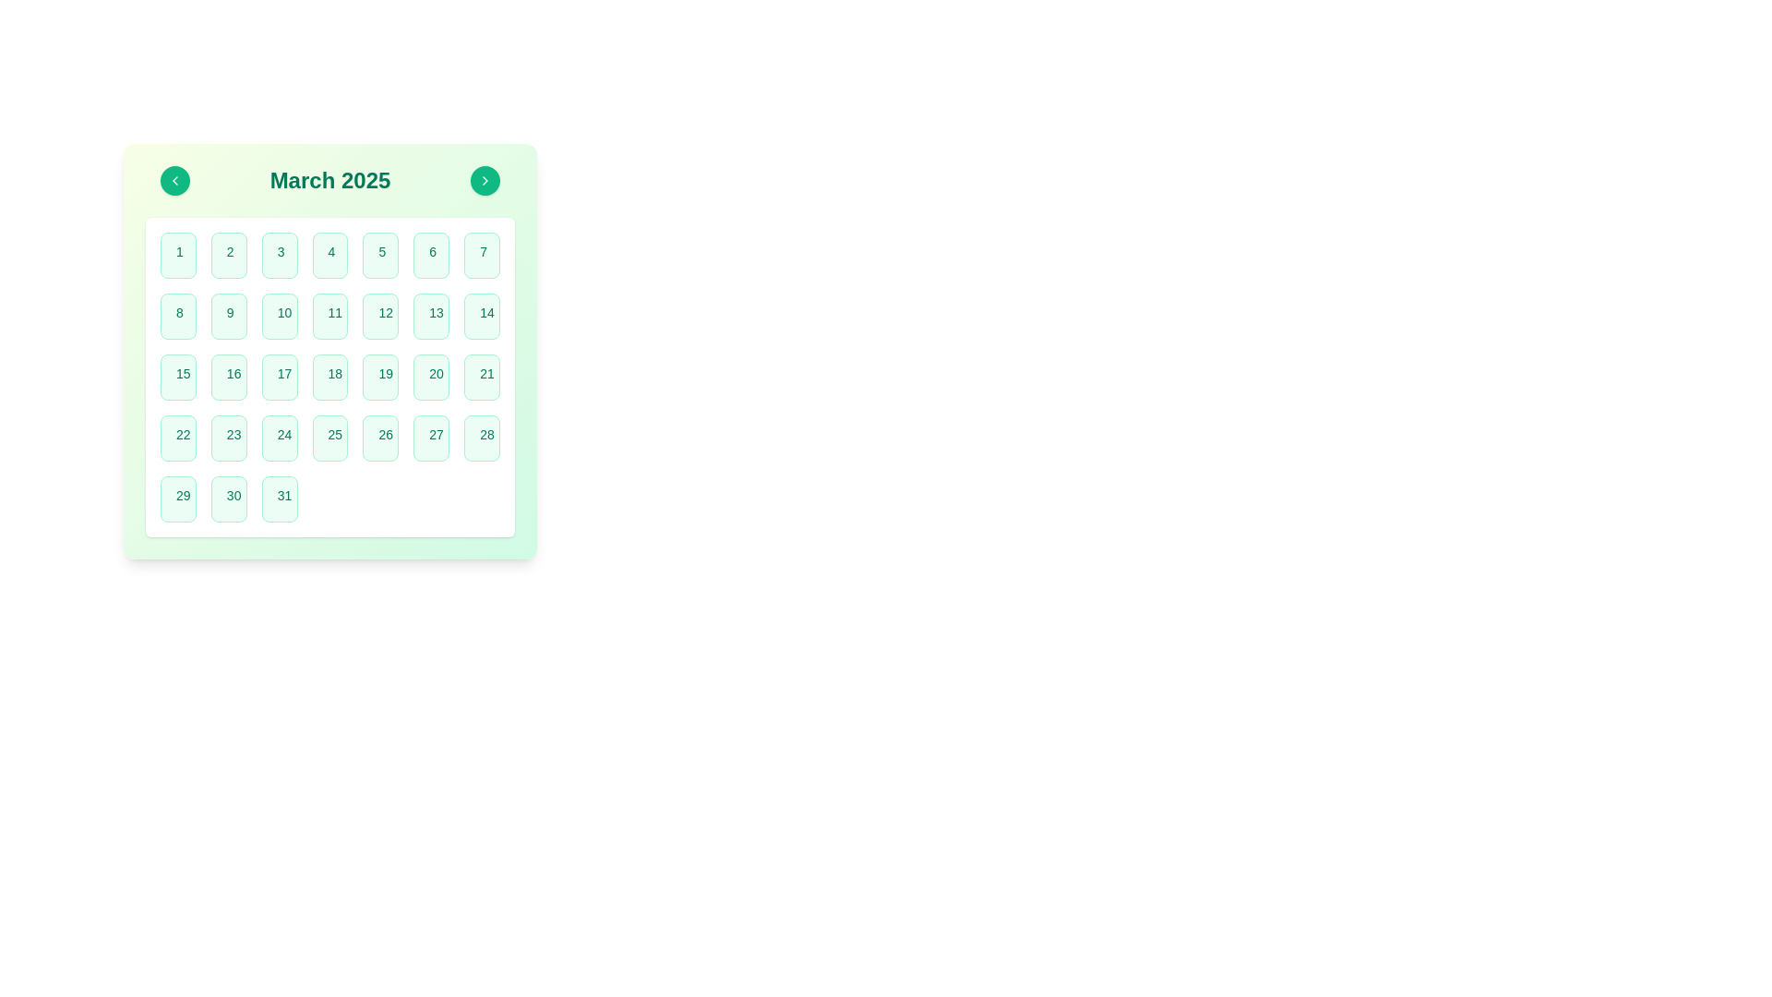 This screenshot has height=997, width=1772. Describe the element at coordinates (175, 181) in the screenshot. I see `the leftward-pointing chevron arrow icon within the circular green button on the left side of the header labeled 'March 2025'` at that location.